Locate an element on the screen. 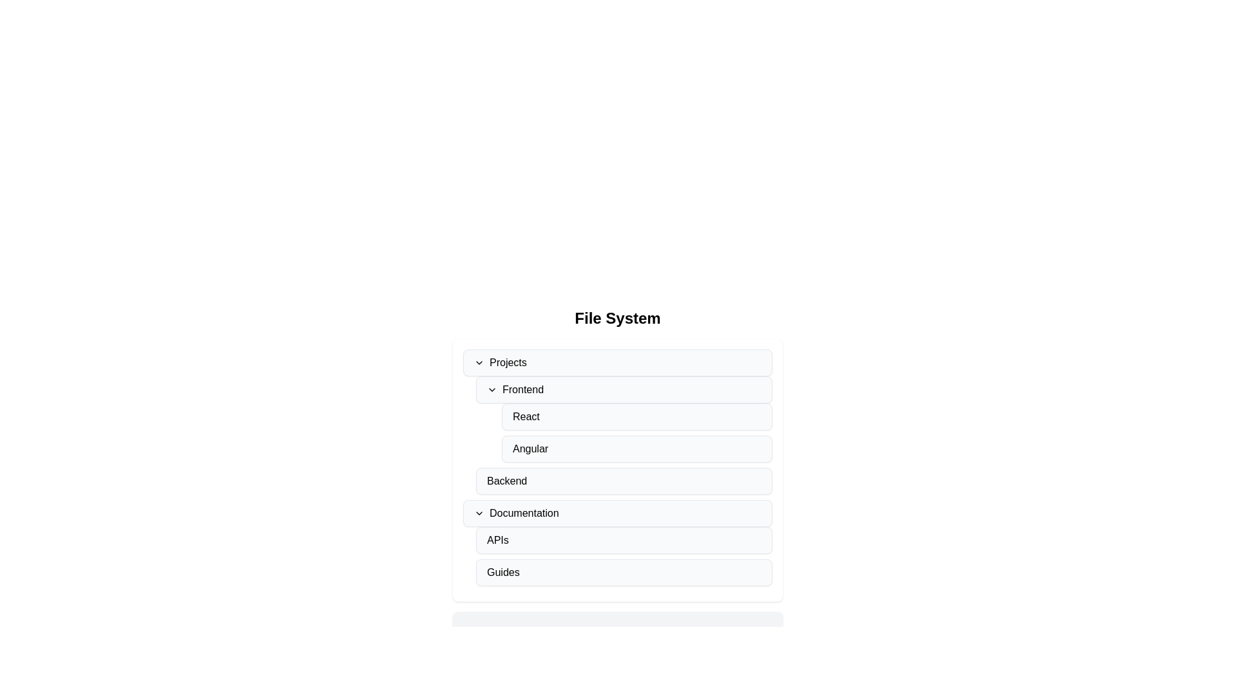 This screenshot has width=1237, height=695. the 'Angular' button is located at coordinates (637, 449).